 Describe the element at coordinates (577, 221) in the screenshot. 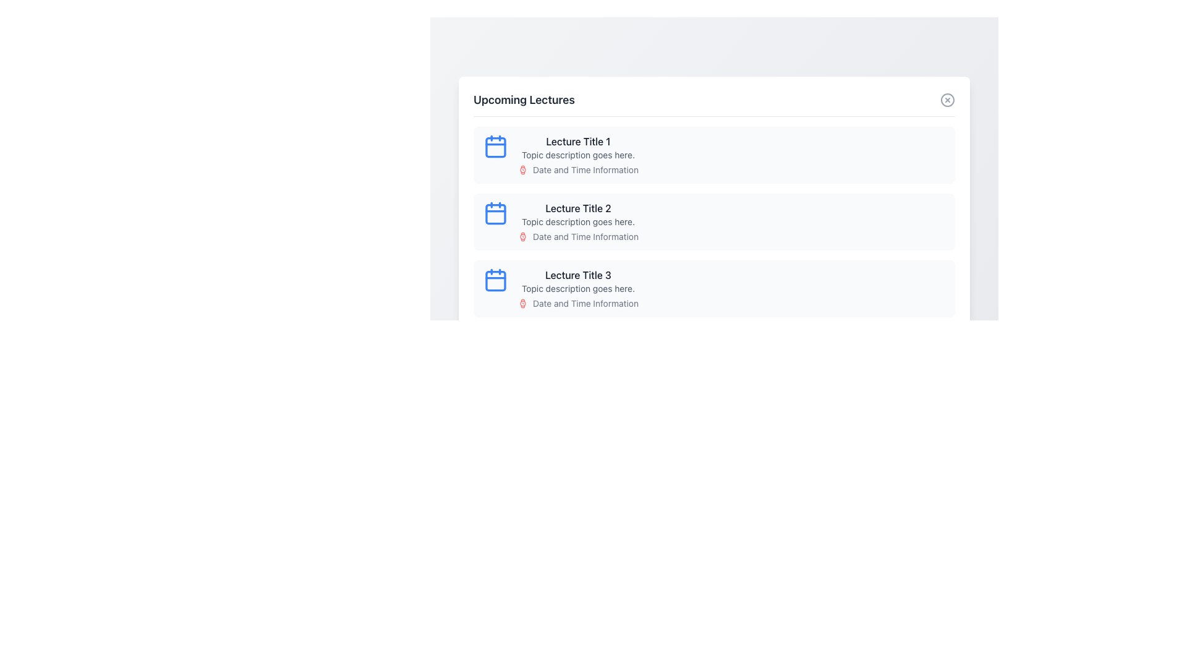

I see `the text label displaying 'Topic description goes here.' located beneath 'Lecture Title 2' in the Upcoming Lectures list` at that location.